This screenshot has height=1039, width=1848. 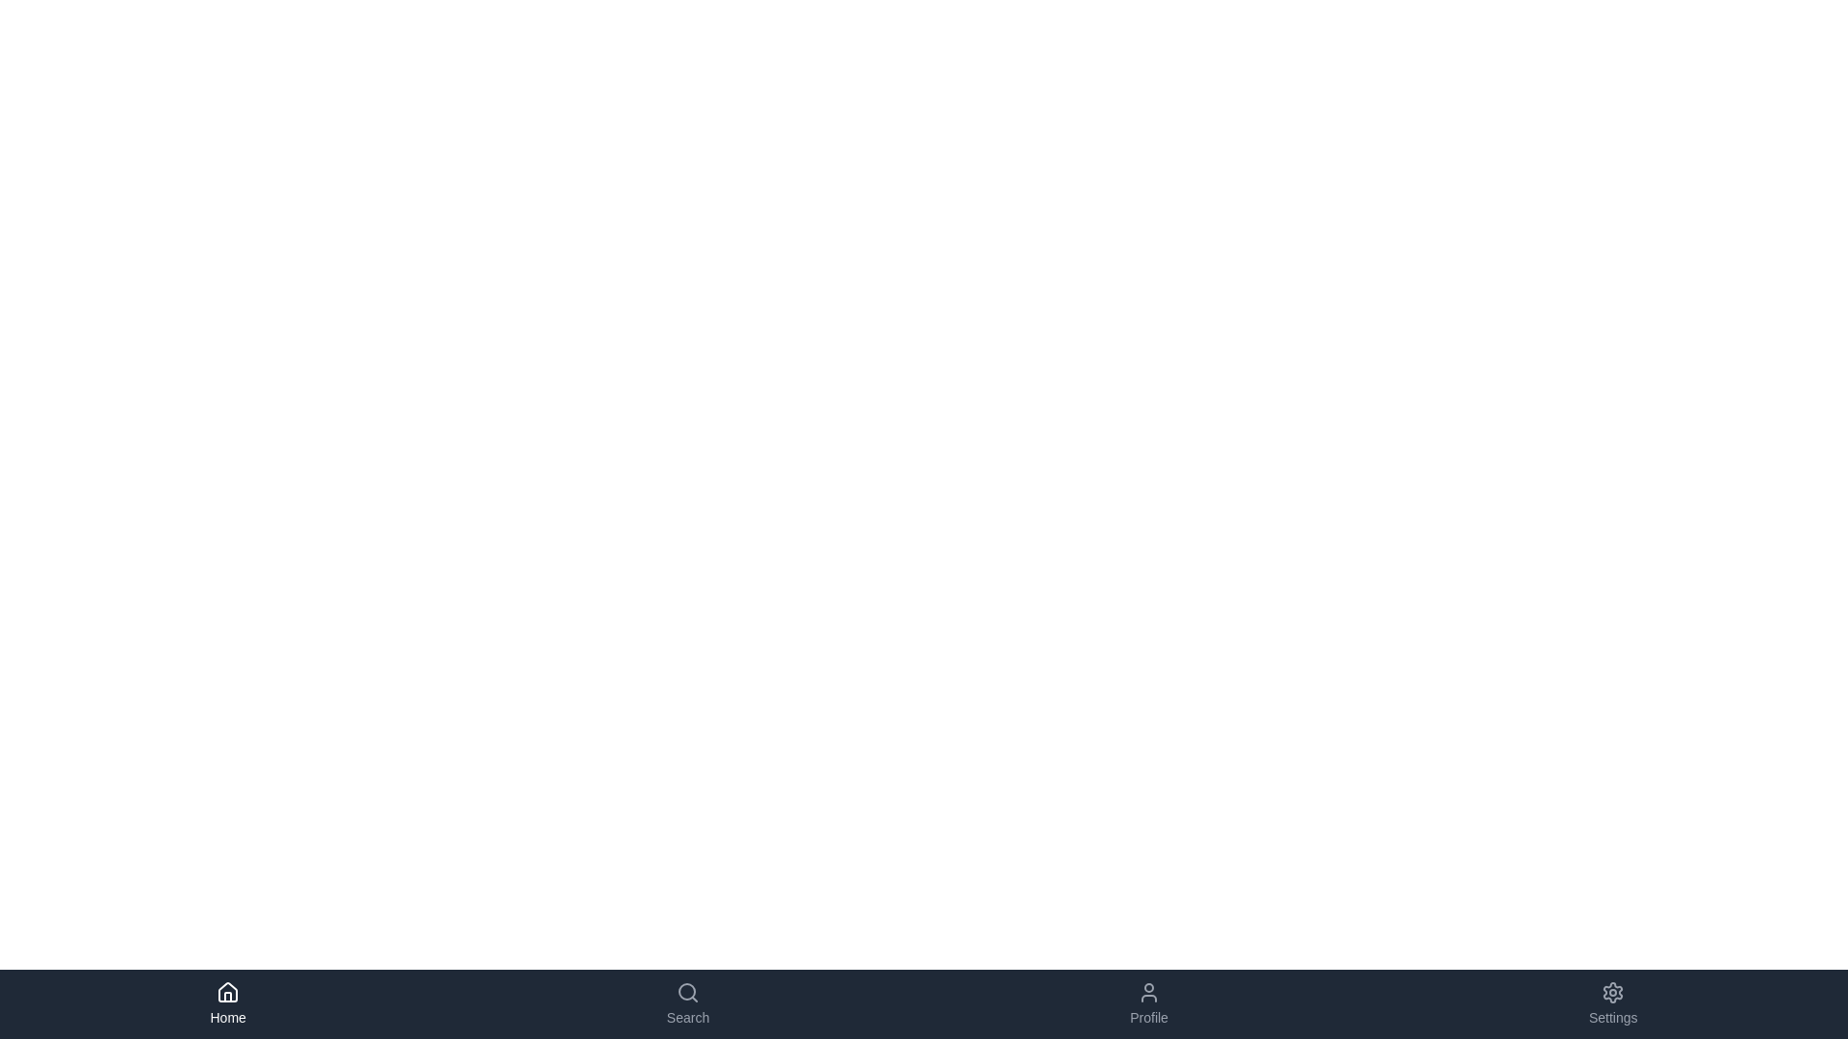 What do you see at coordinates (1613, 1016) in the screenshot?
I see `the text label displaying 'Settings', which is located beneath a gear icon in the bottom navigation bar` at bounding box center [1613, 1016].